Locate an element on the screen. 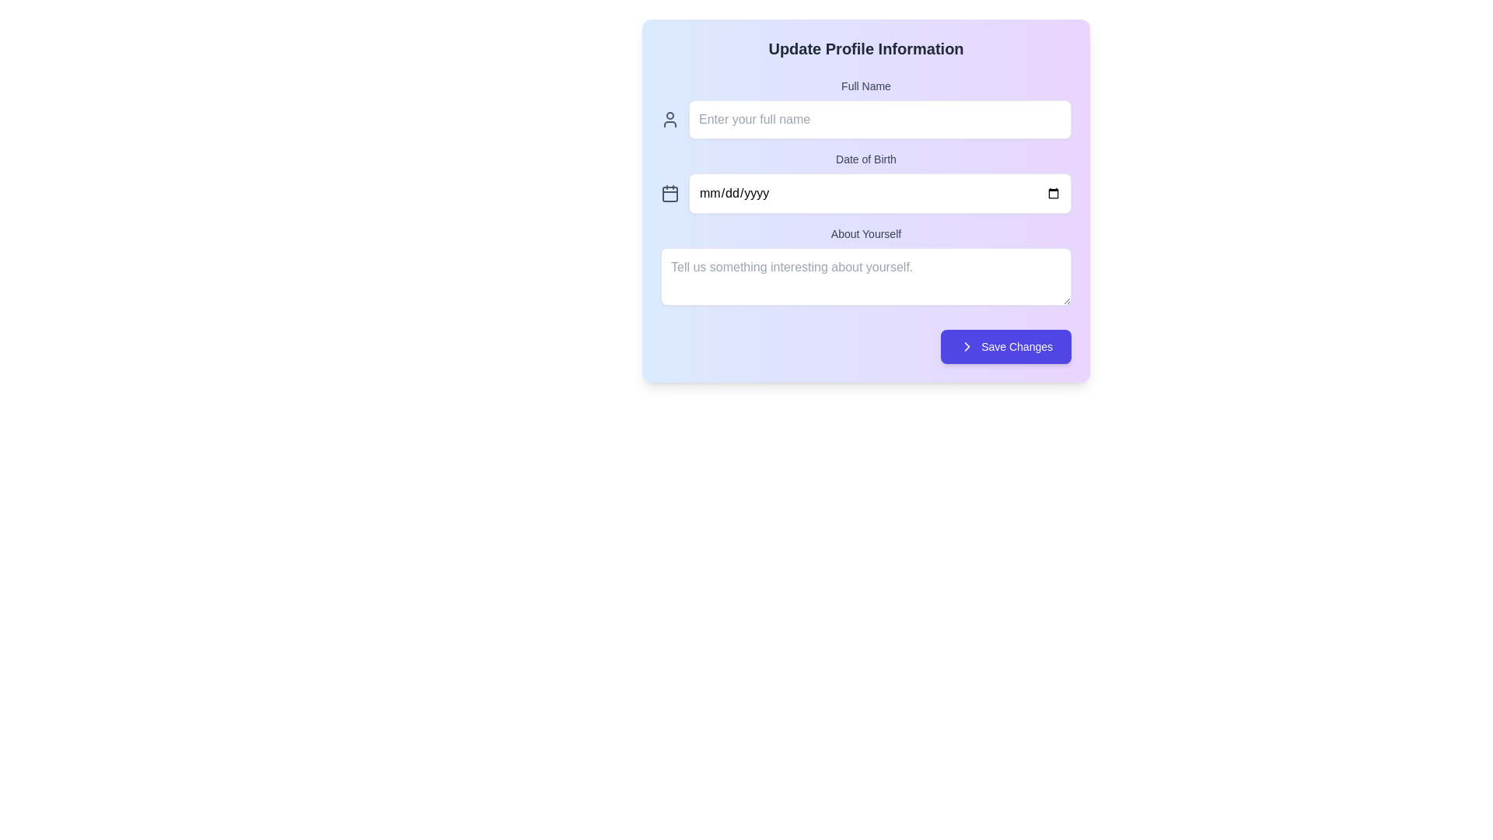 The height and width of the screenshot is (840, 1493). the Date Input Field for entering the date of birth, which is centered horizontally within the form labeled 'Date of Birth' is located at coordinates (865, 193).